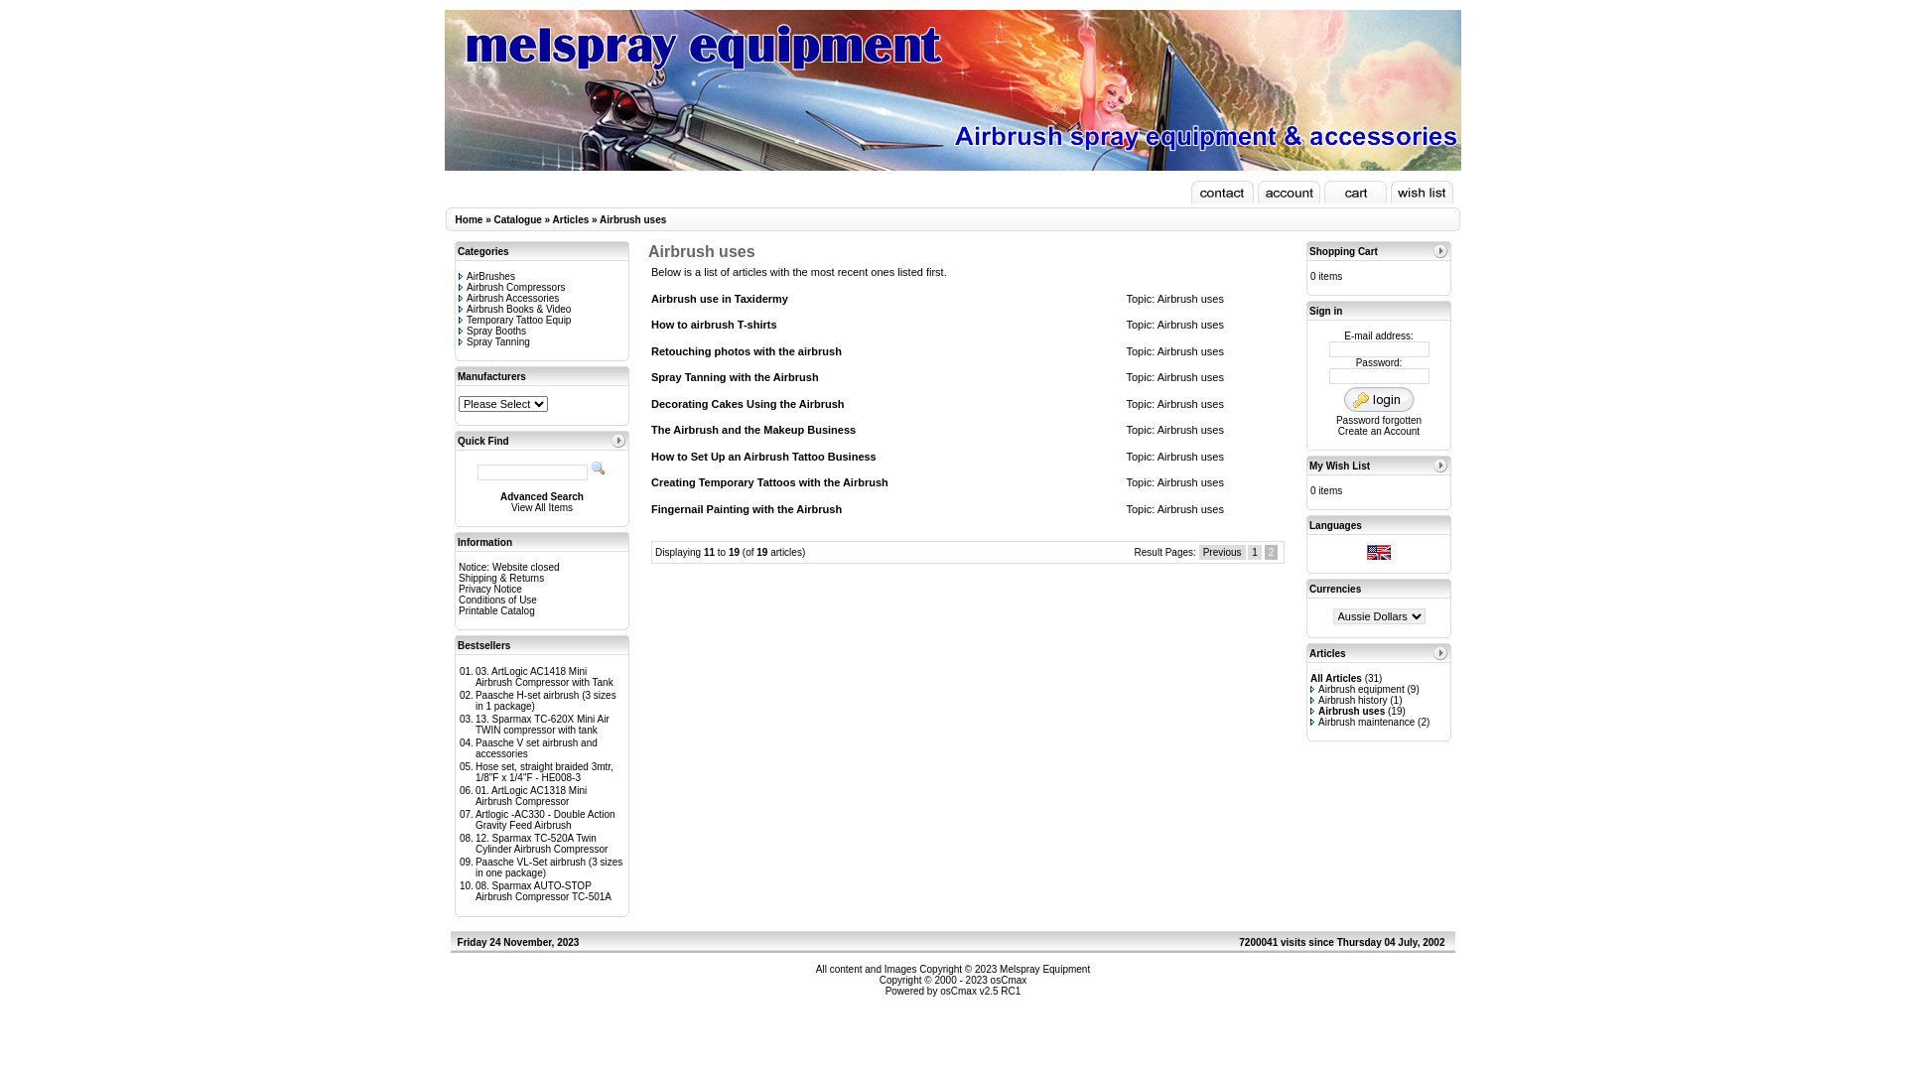 This screenshot has width=1906, height=1072. What do you see at coordinates (517, 219) in the screenshot?
I see `'Catalogue'` at bounding box center [517, 219].